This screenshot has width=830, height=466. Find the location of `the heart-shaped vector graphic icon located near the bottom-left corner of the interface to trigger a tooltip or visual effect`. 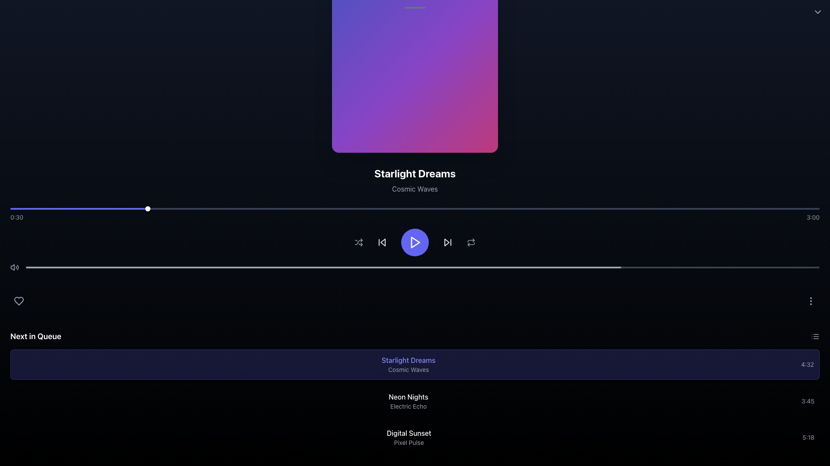

the heart-shaped vector graphic icon located near the bottom-left corner of the interface to trigger a tooltip or visual effect is located at coordinates (19, 301).